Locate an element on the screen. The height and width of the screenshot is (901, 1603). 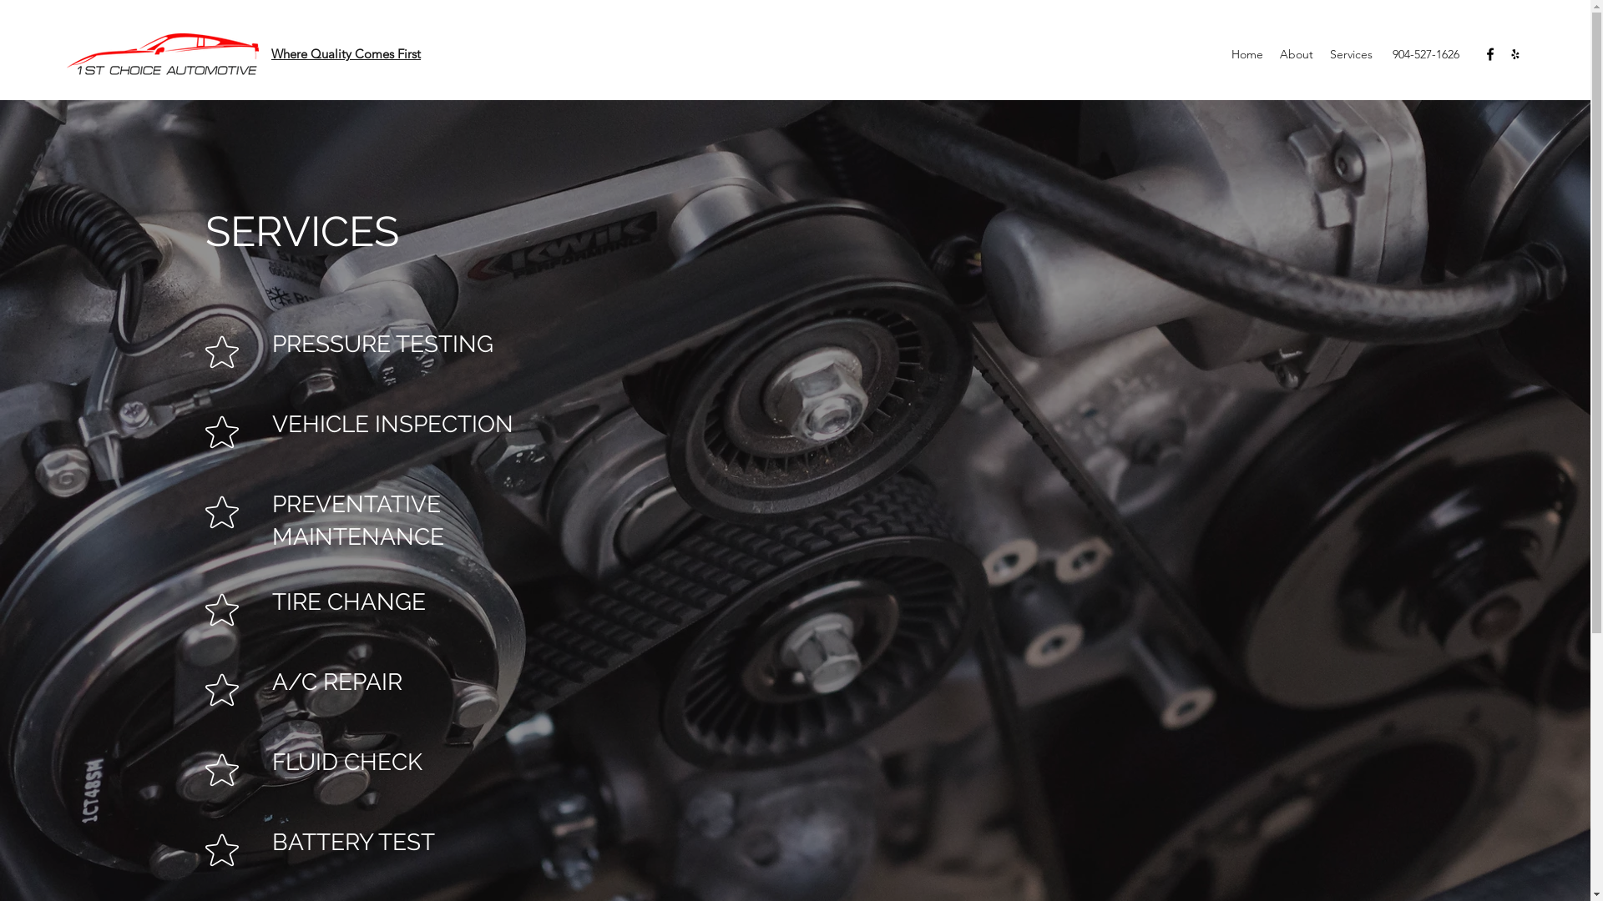
'About' is located at coordinates (1296, 53).